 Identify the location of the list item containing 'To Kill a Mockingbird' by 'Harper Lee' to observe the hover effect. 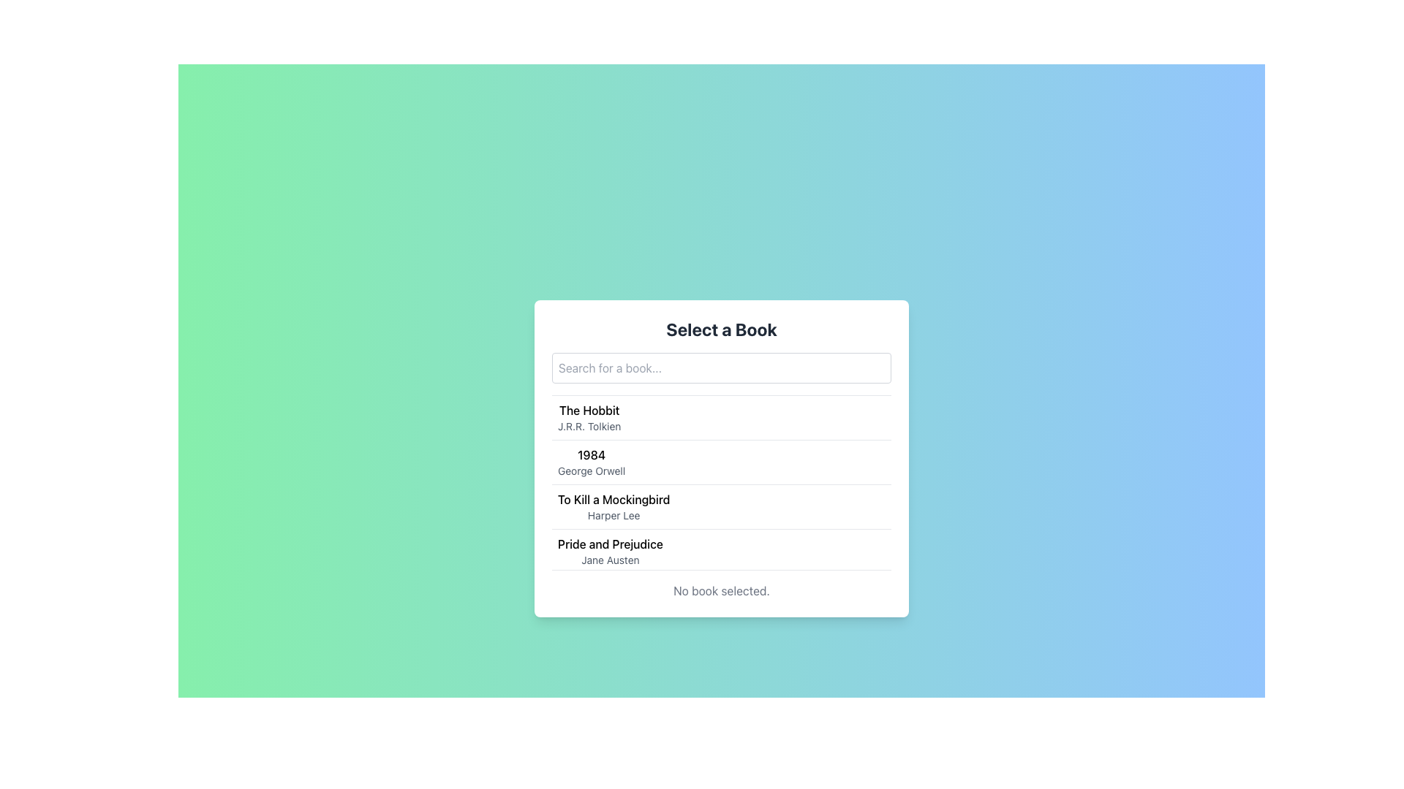
(722, 506).